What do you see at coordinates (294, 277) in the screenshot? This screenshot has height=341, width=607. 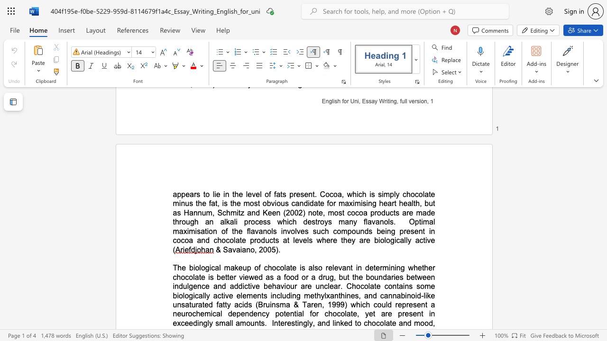 I see `the subset text "d or a d" within the text "whether chocolate is better viewed as a food or a drug, but the boundaries between indulgence and addictive behaviour are unclear. Chocolate"` at bounding box center [294, 277].